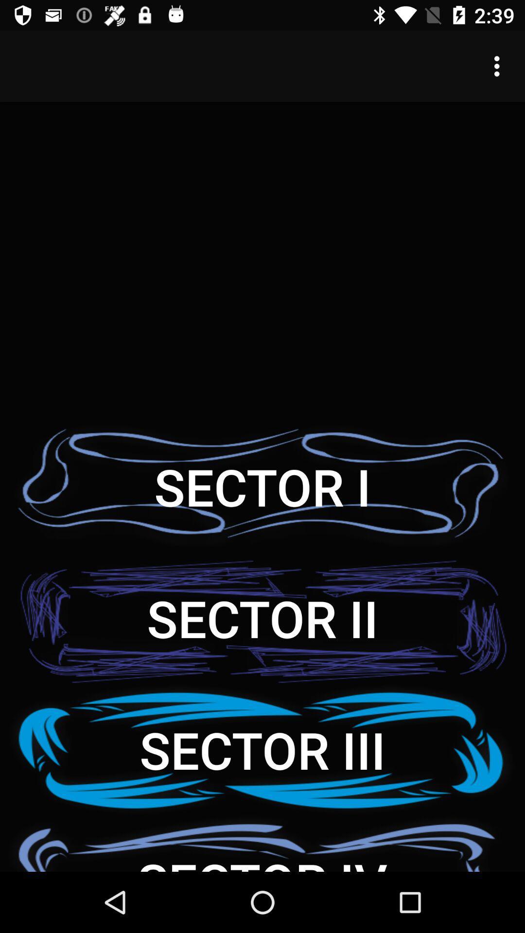 This screenshot has width=525, height=933. Describe the element at coordinates (262, 749) in the screenshot. I see `item below the sector ii icon` at that location.